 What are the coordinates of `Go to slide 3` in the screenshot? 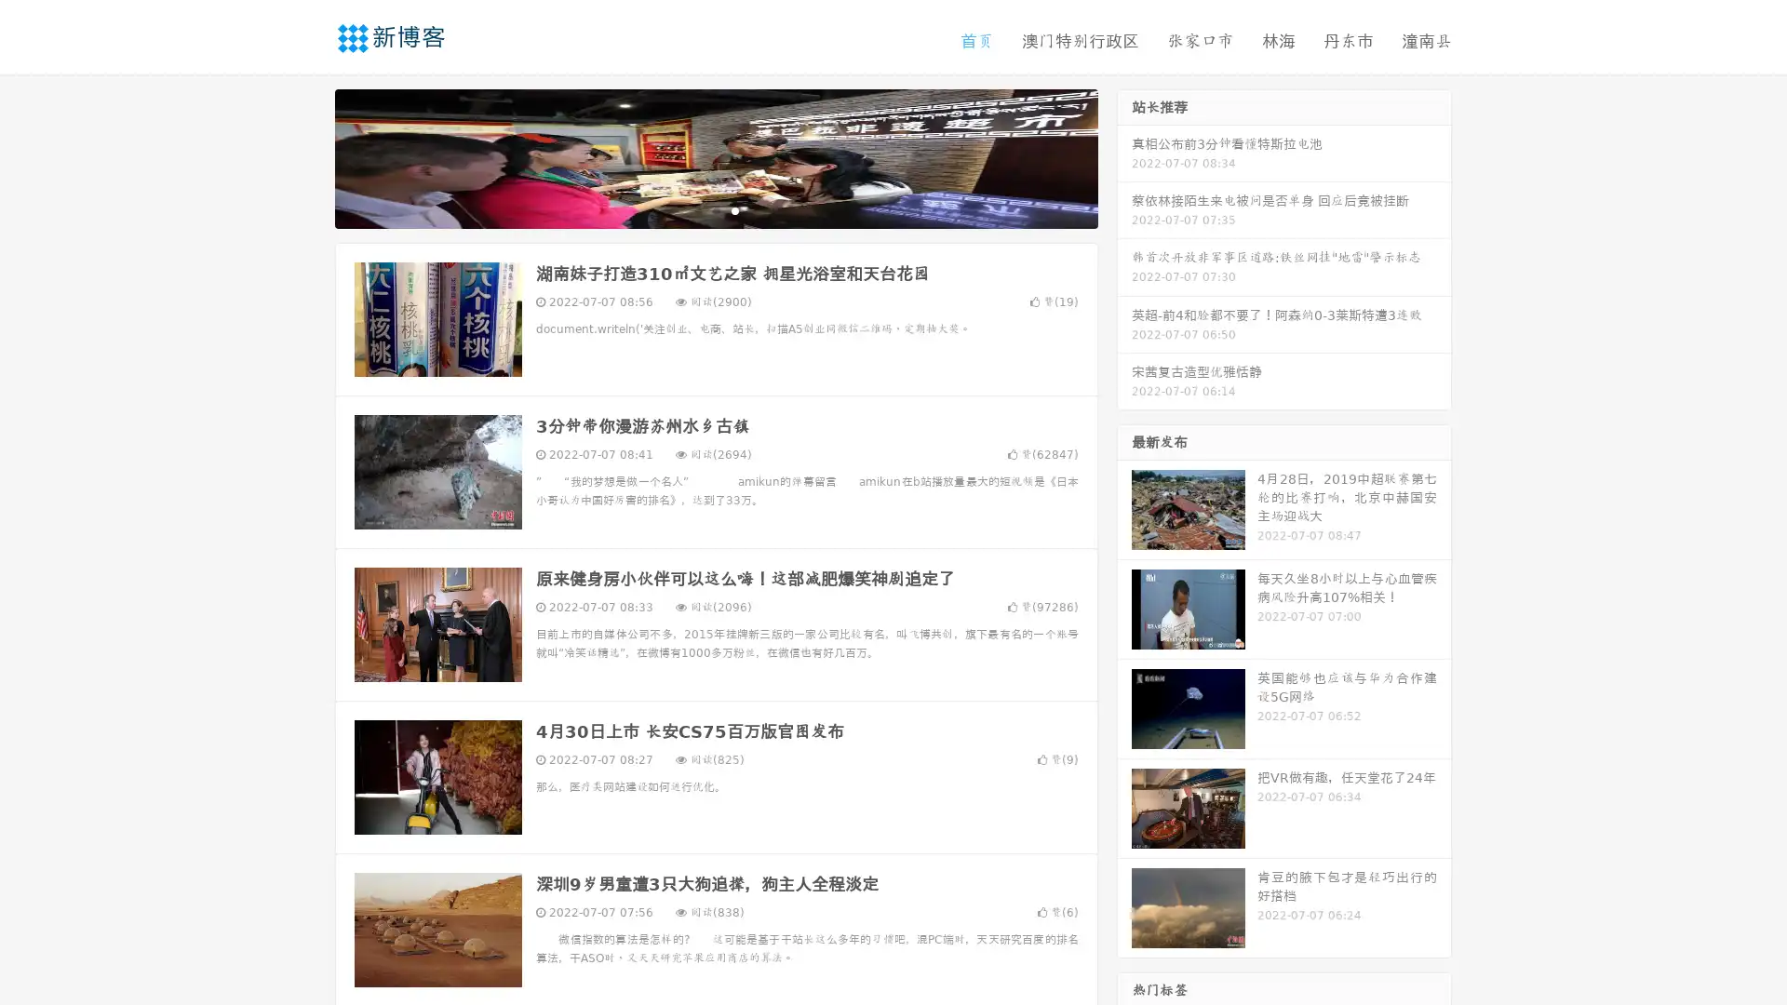 It's located at (734, 209).